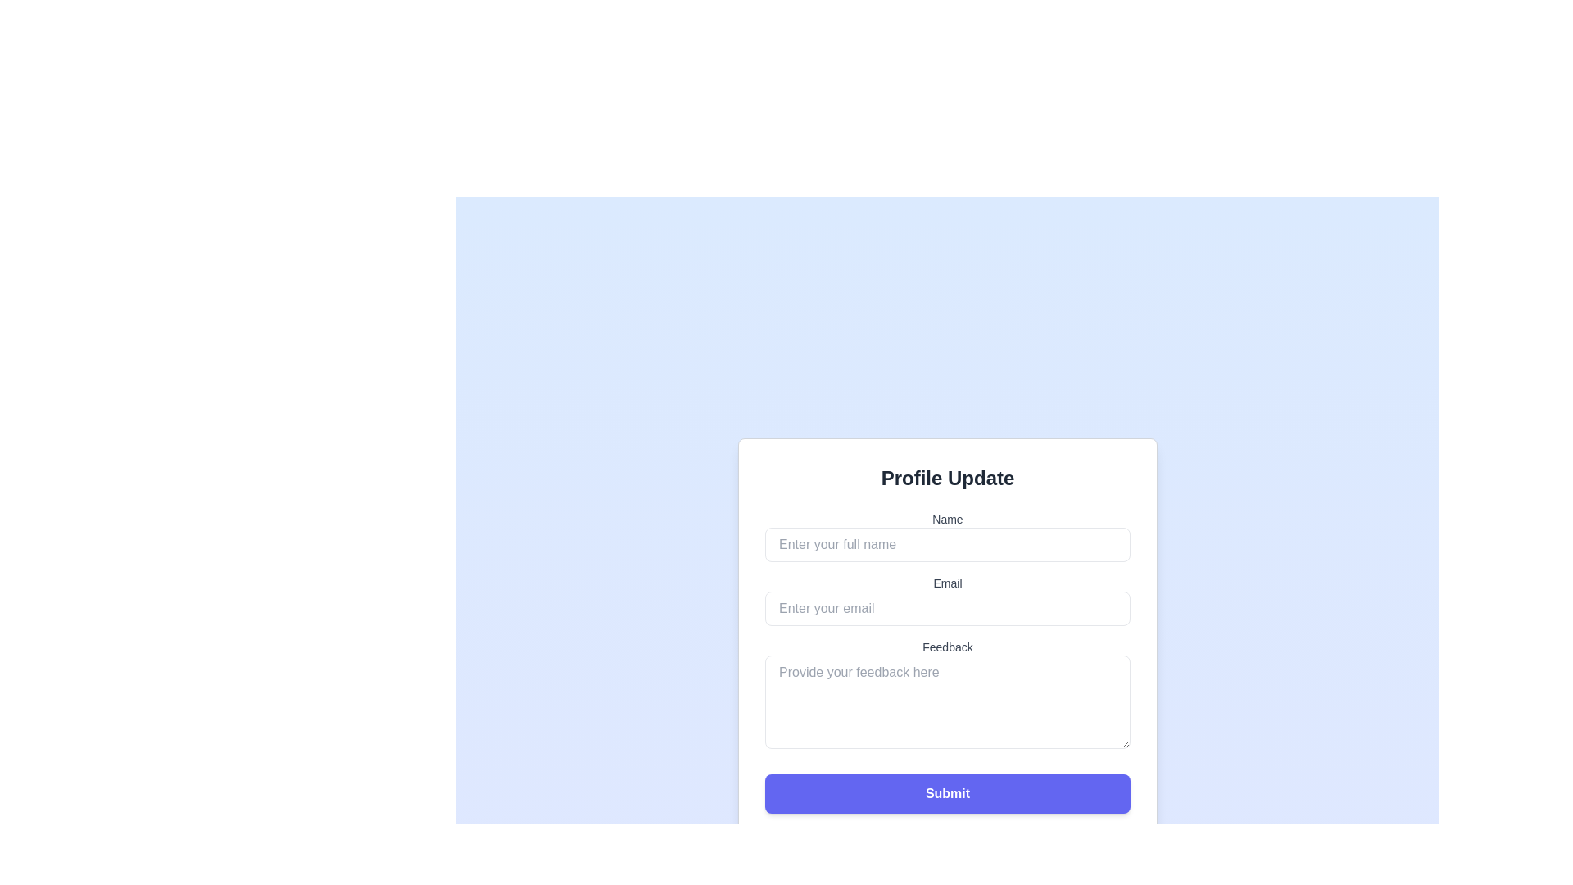  I want to click on the Text label that serves as a label for the adjacent email input field, located centrally in the form layout, positioned above the email input field, so click(947, 582).